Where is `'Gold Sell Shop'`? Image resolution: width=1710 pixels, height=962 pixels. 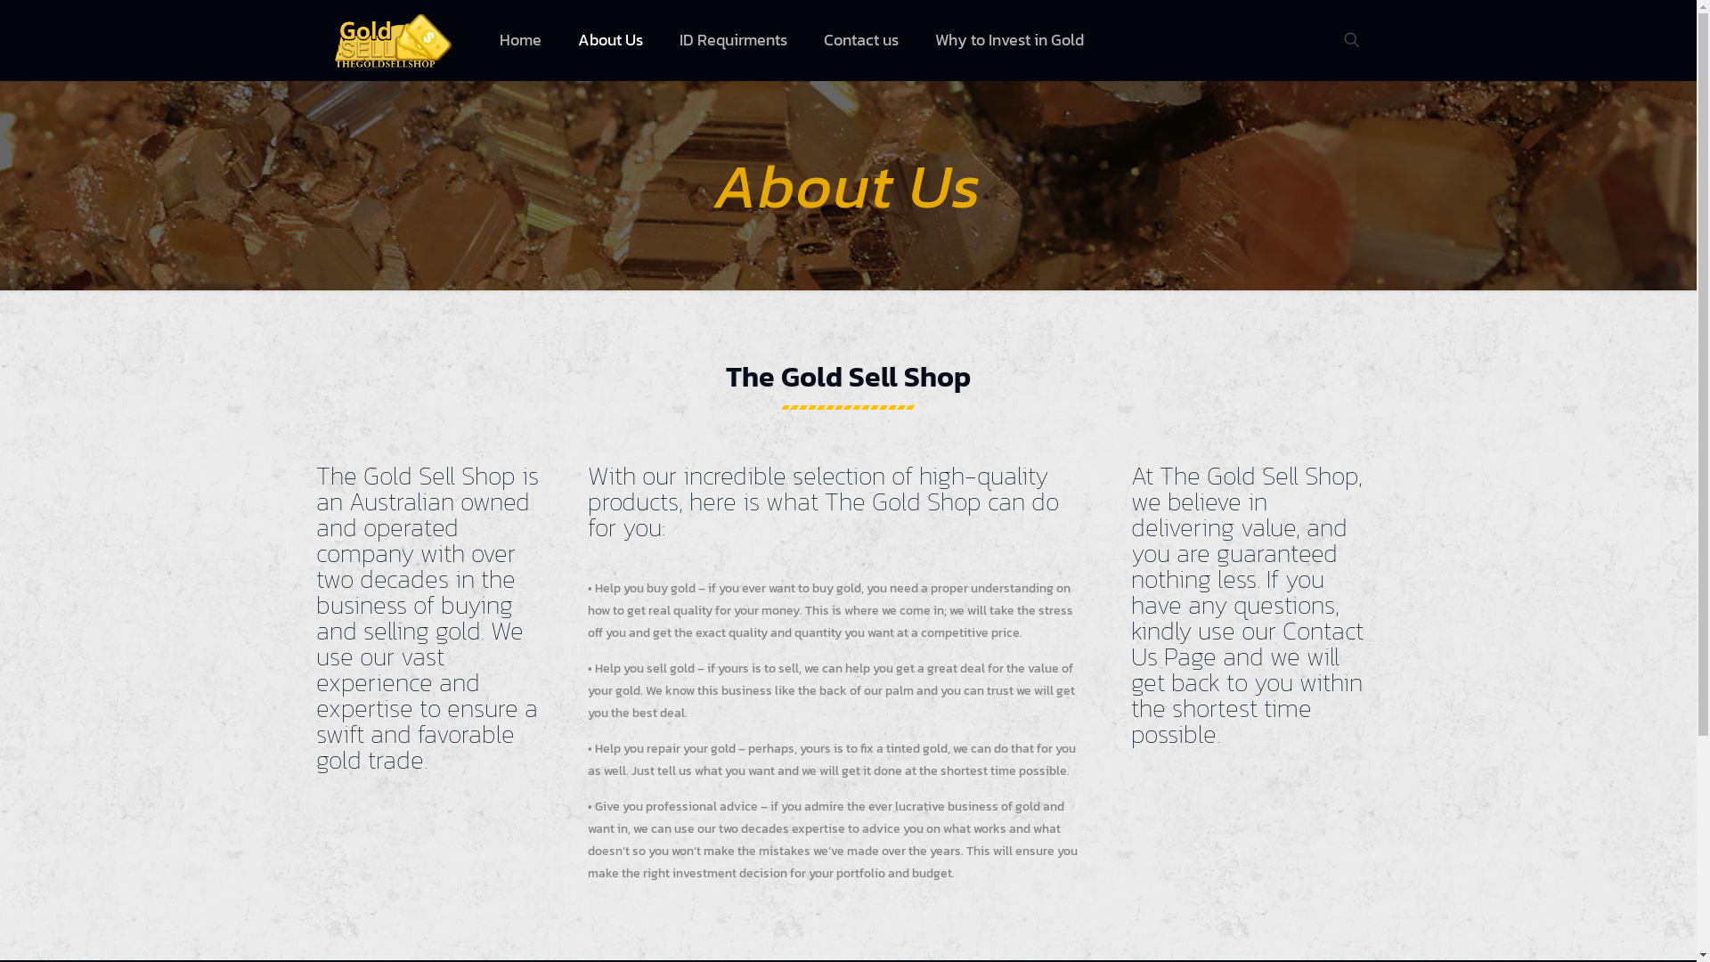 'Gold Sell Shop' is located at coordinates (392, 40).